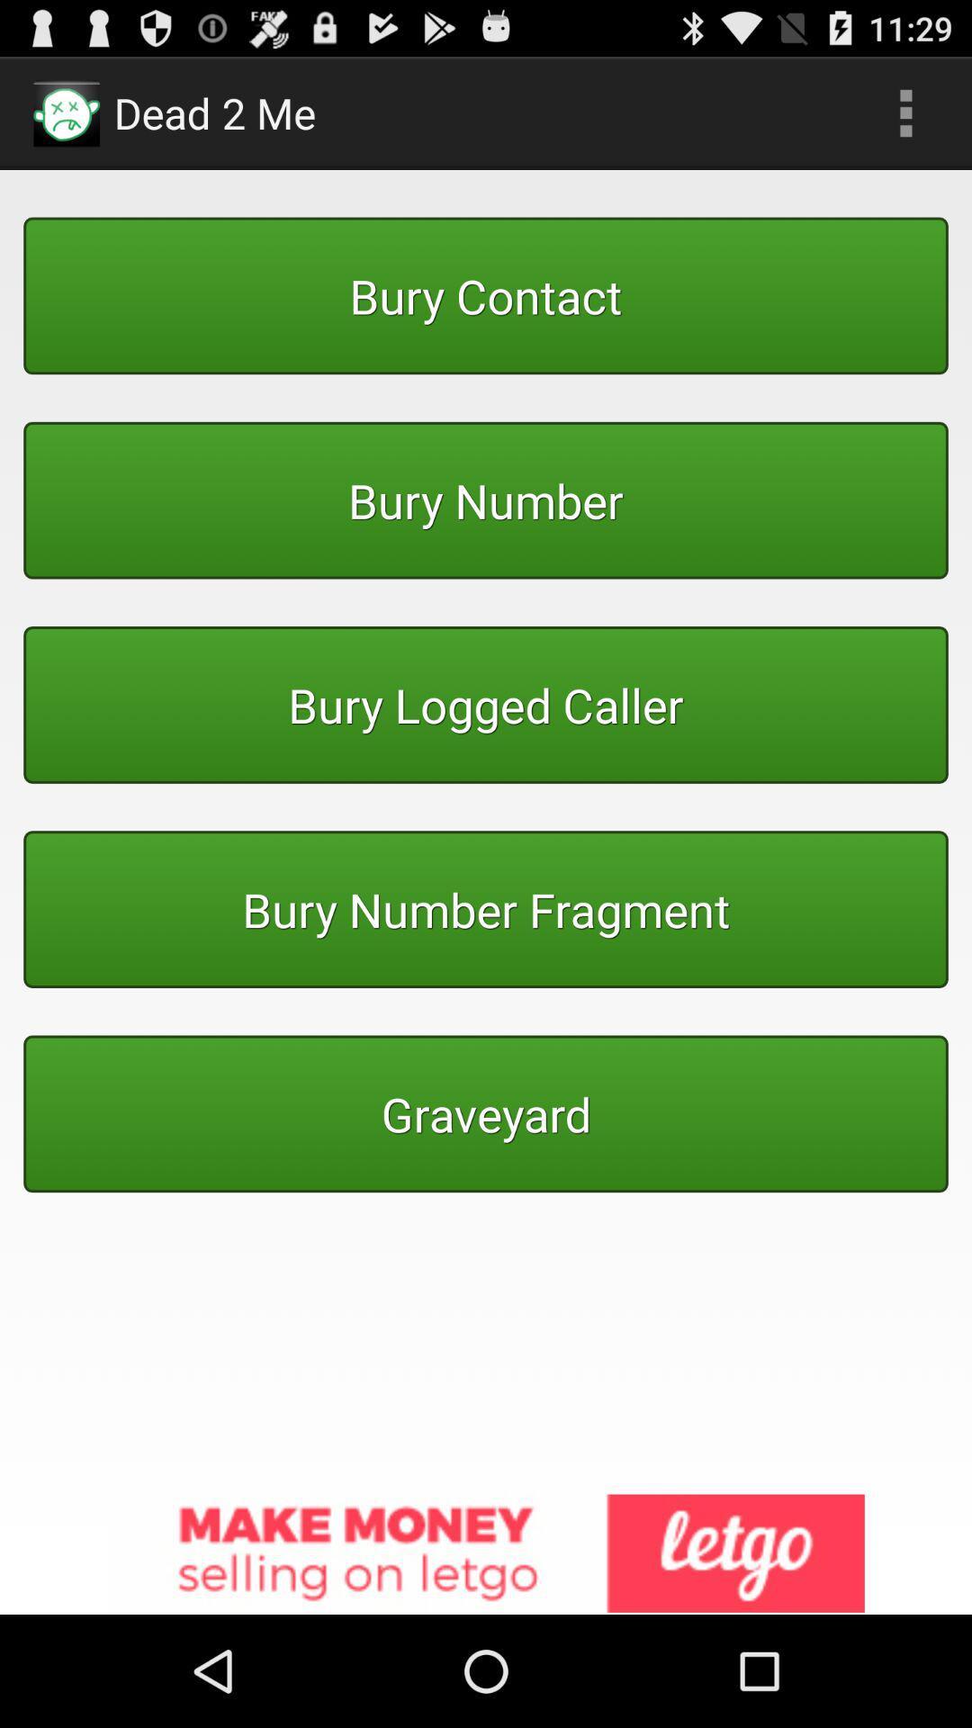 Image resolution: width=972 pixels, height=1728 pixels. I want to click on open advertisement, so click(486, 1553).